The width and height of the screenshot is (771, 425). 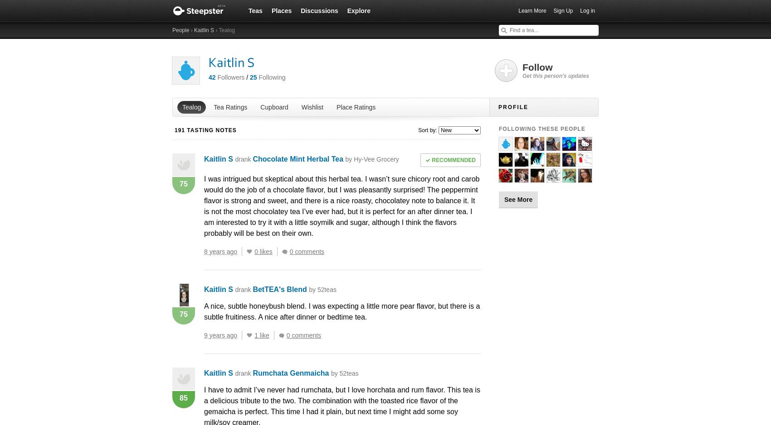 I want to click on 'Following', so click(x=258, y=77).